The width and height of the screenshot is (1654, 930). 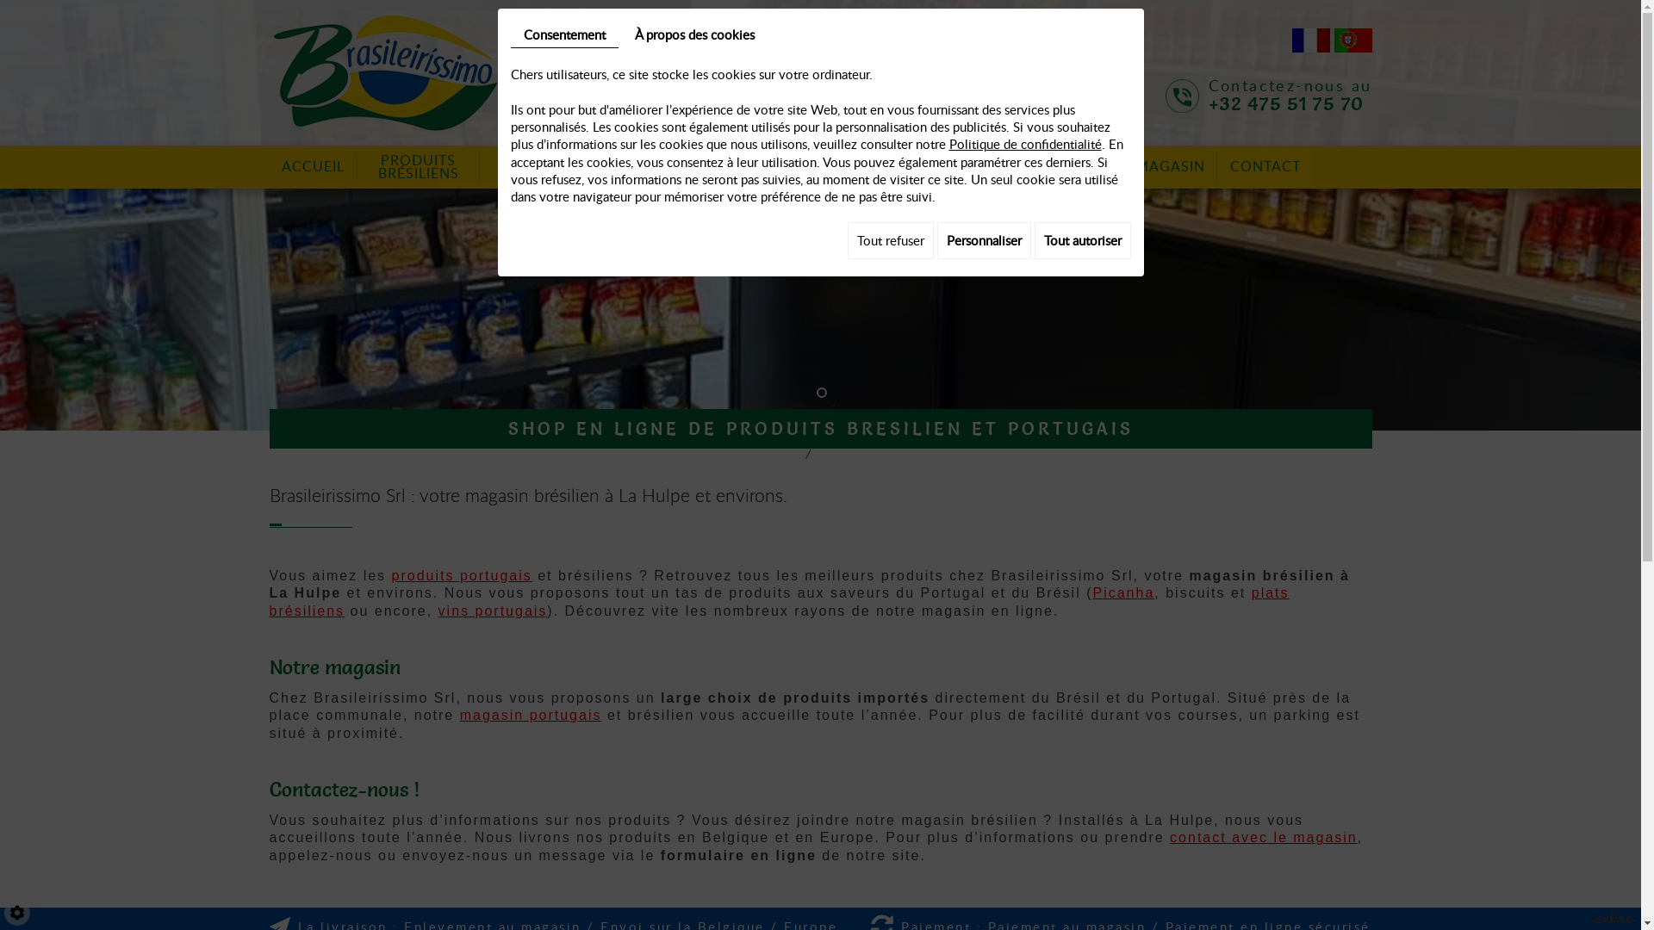 What do you see at coordinates (936, 239) in the screenshot?
I see `'Personnaliser'` at bounding box center [936, 239].